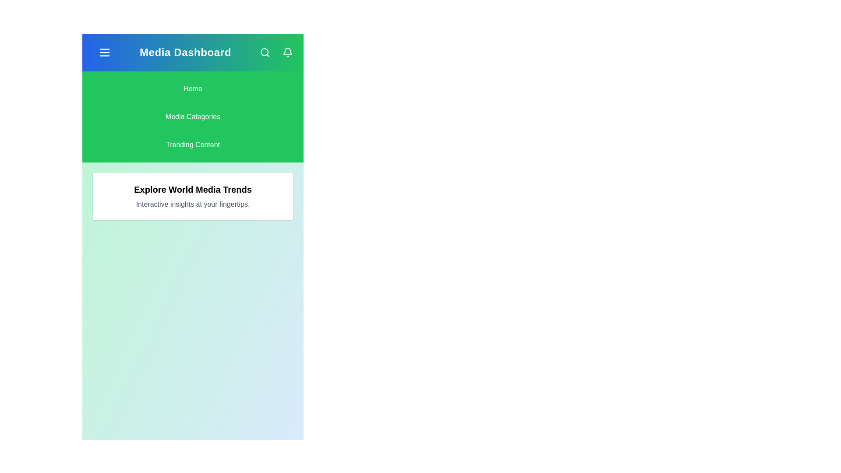  What do you see at coordinates (192, 89) in the screenshot?
I see `the navigation menu item Home` at bounding box center [192, 89].